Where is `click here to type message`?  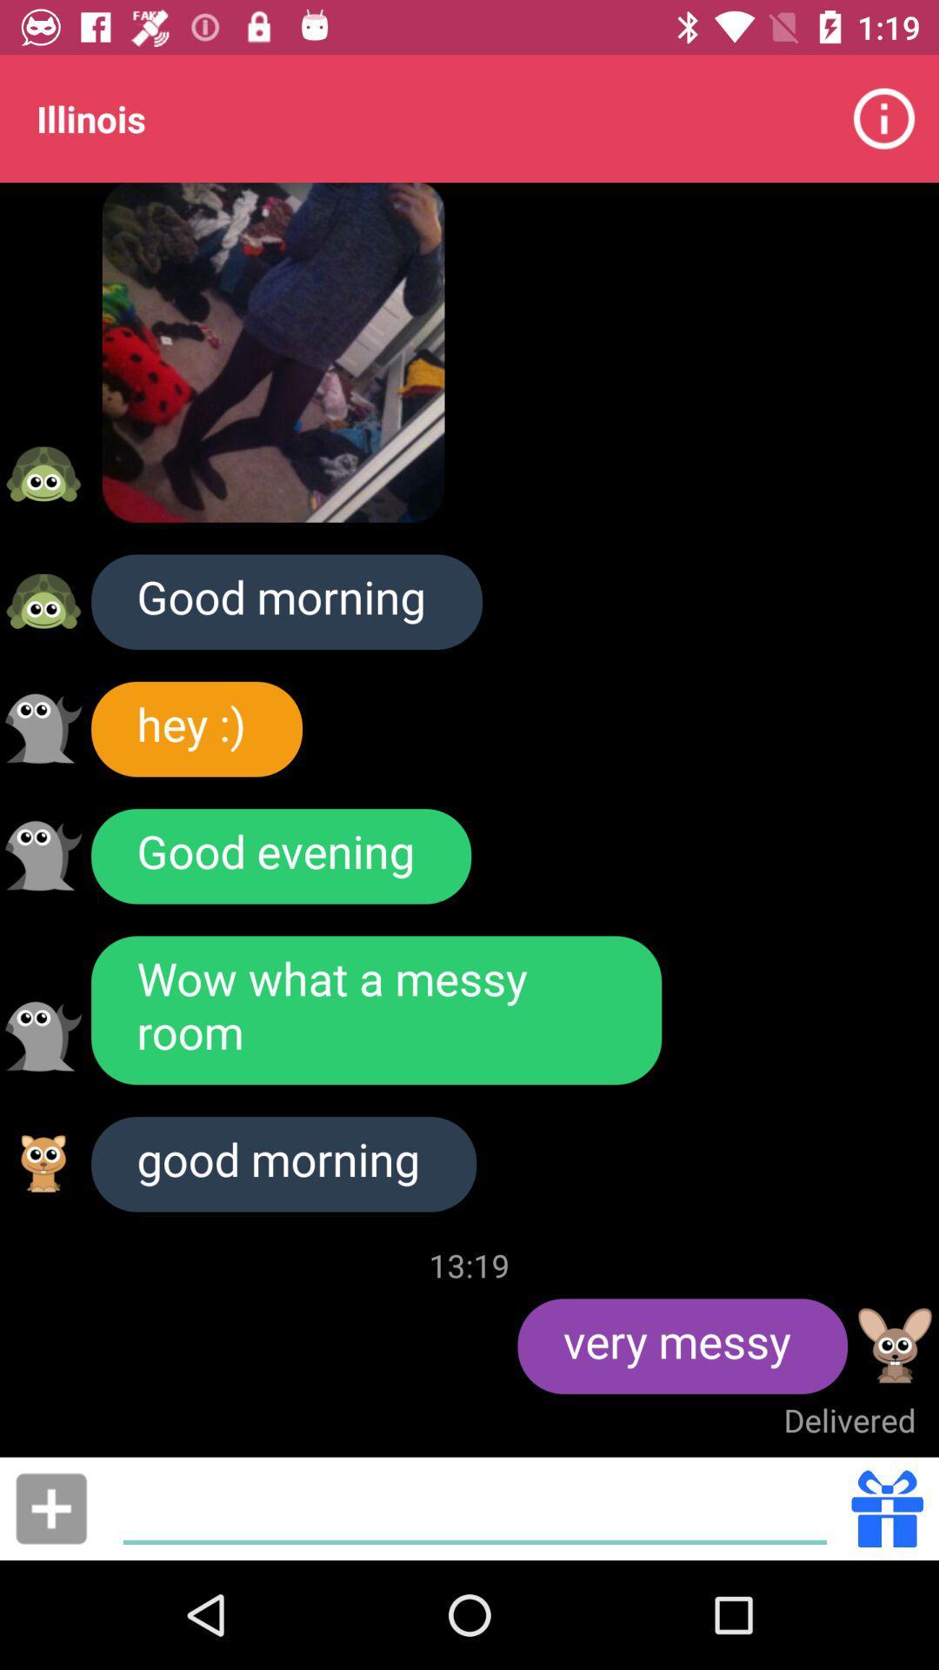 click here to type message is located at coordinates (475, 1507).